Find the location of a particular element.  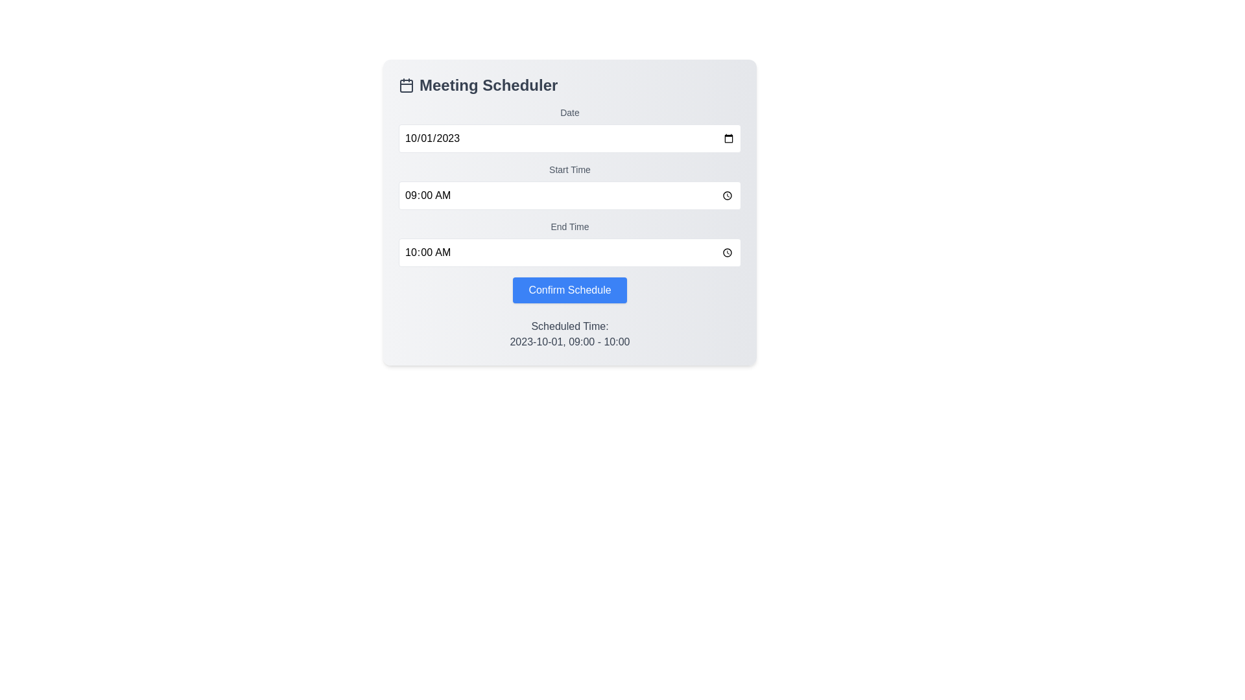

the 'Start Time' input field, which displays '09:00 AM' is located at coordinates (569, 195).